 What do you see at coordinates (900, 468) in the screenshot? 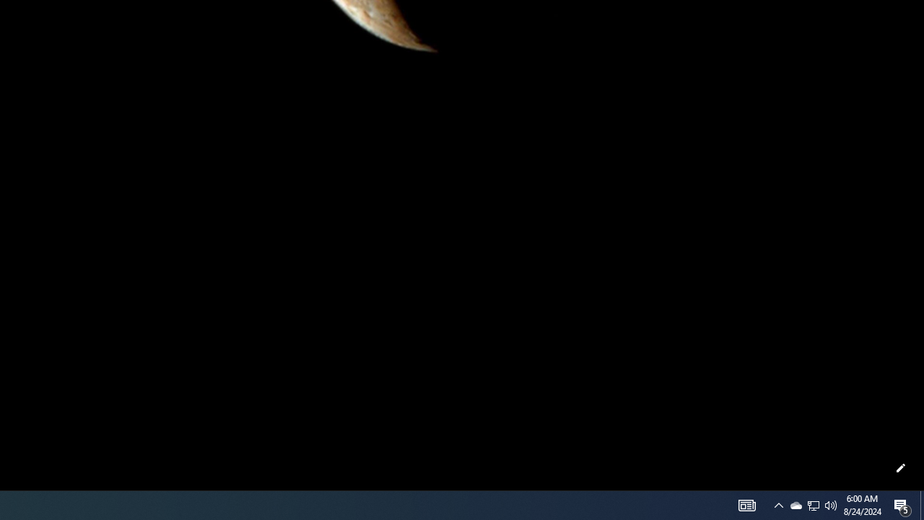
I see `'Customize this page'` at bounding box center [900, 468].